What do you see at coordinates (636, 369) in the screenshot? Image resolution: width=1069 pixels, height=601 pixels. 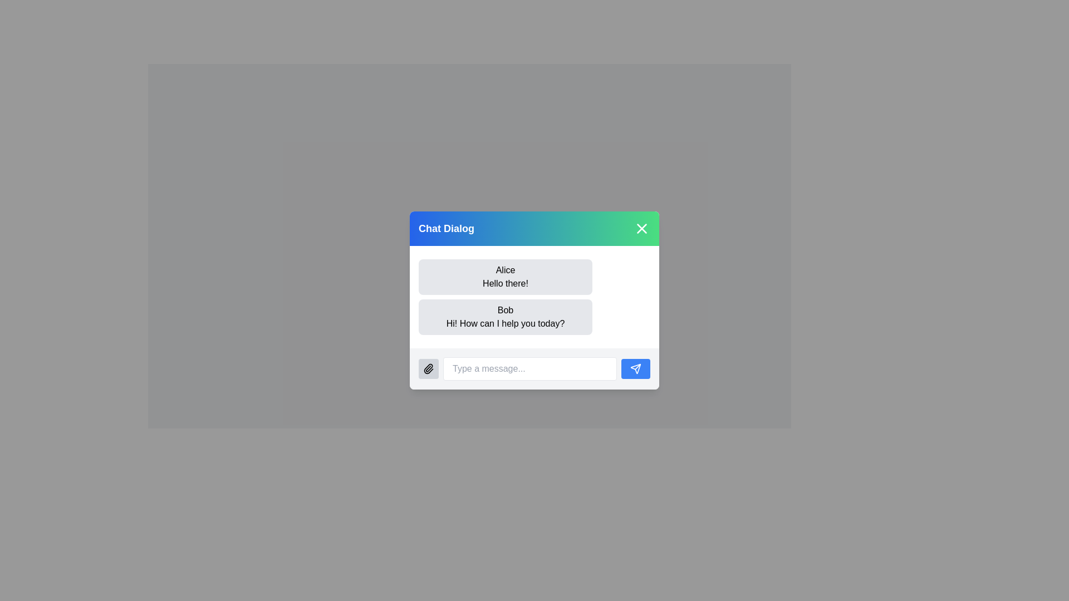 I see `the button located at the bottom-right of the dialog box` at bounding box center [636, 369].